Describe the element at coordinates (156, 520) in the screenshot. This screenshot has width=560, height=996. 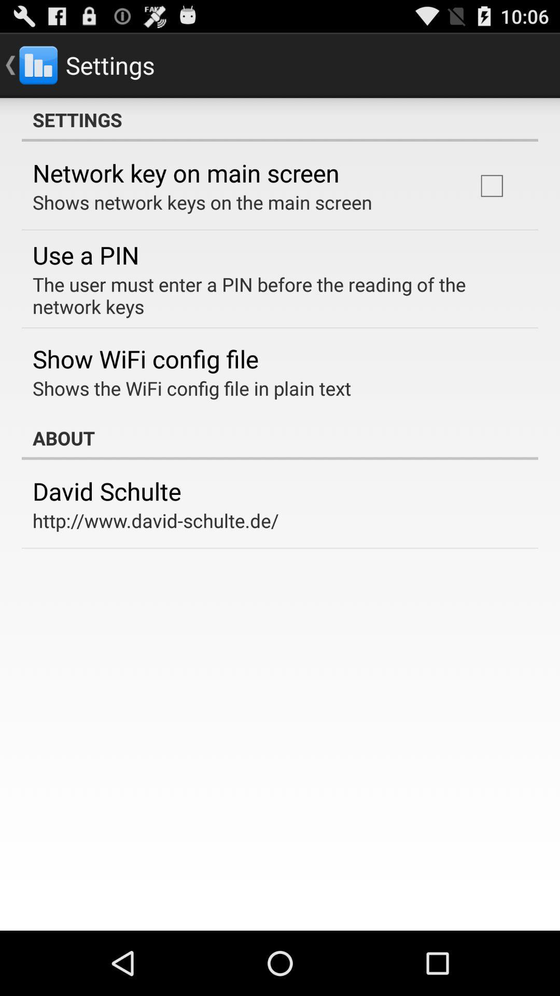
I see `app below david schulte app` at that location.